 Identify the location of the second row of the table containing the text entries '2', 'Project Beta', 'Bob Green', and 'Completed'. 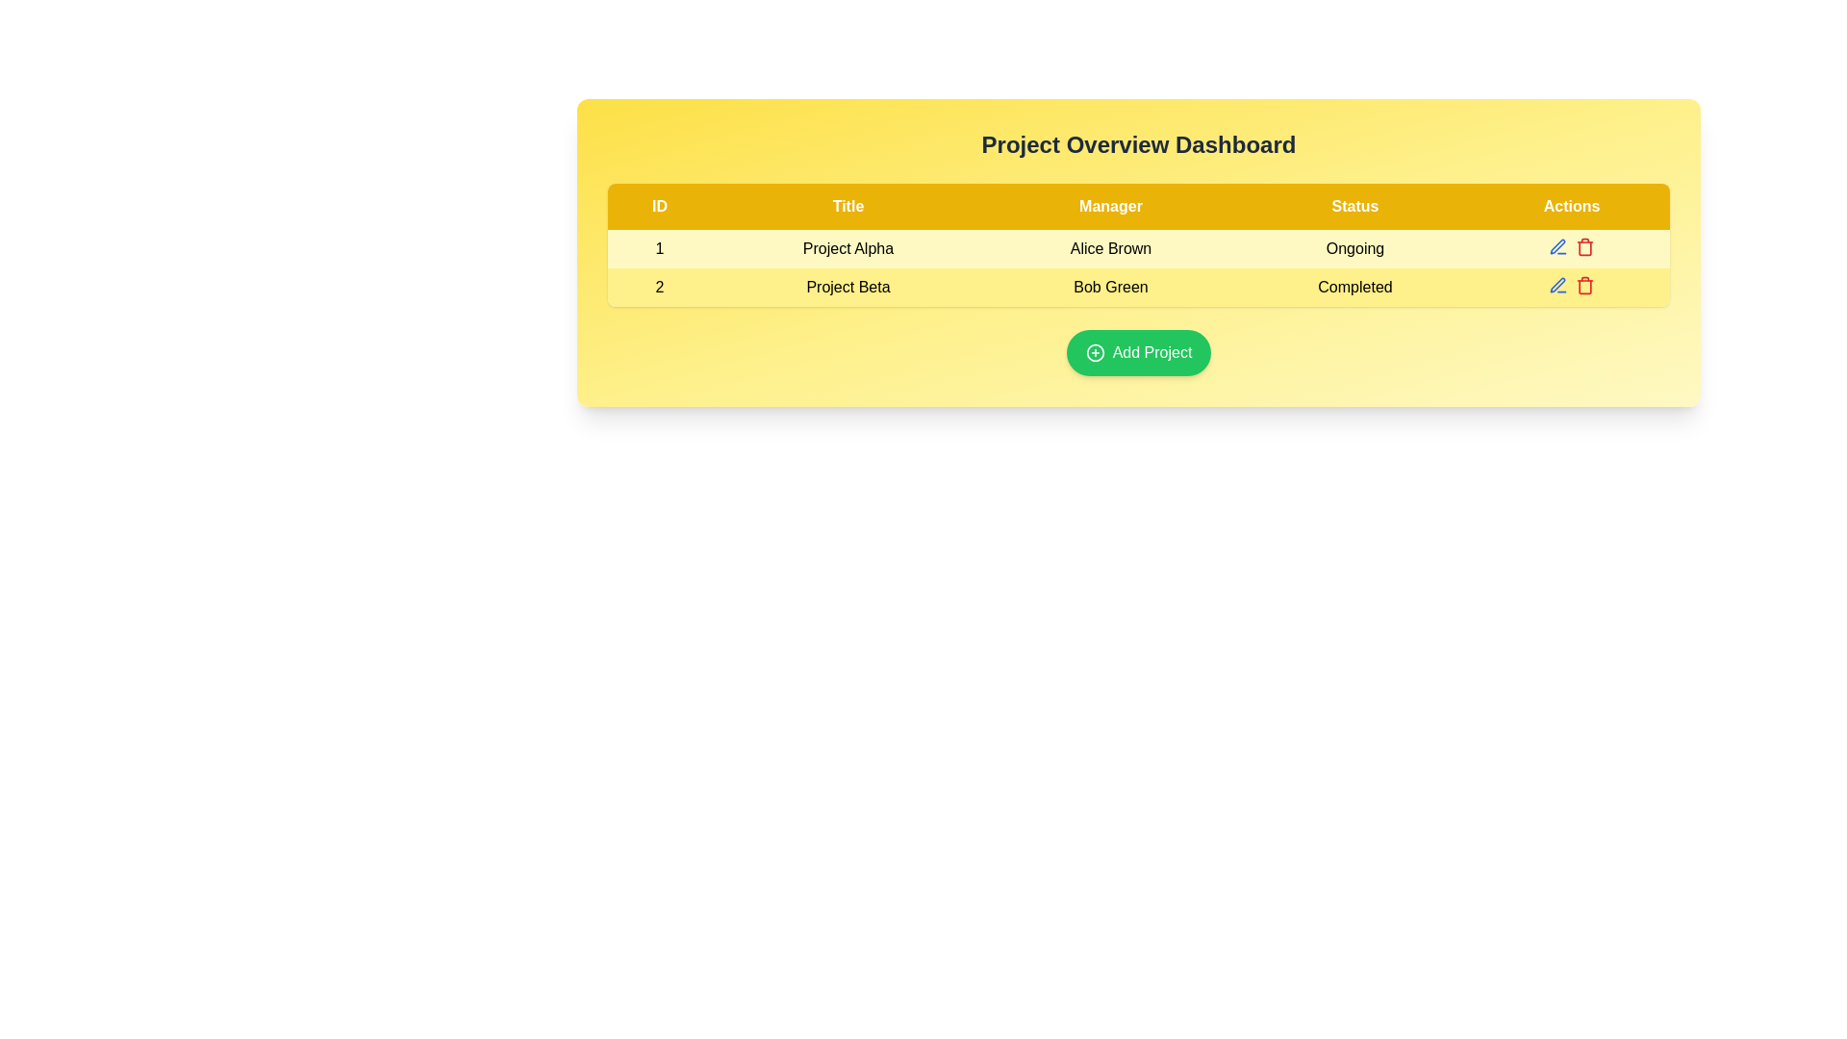
(1139, 267).